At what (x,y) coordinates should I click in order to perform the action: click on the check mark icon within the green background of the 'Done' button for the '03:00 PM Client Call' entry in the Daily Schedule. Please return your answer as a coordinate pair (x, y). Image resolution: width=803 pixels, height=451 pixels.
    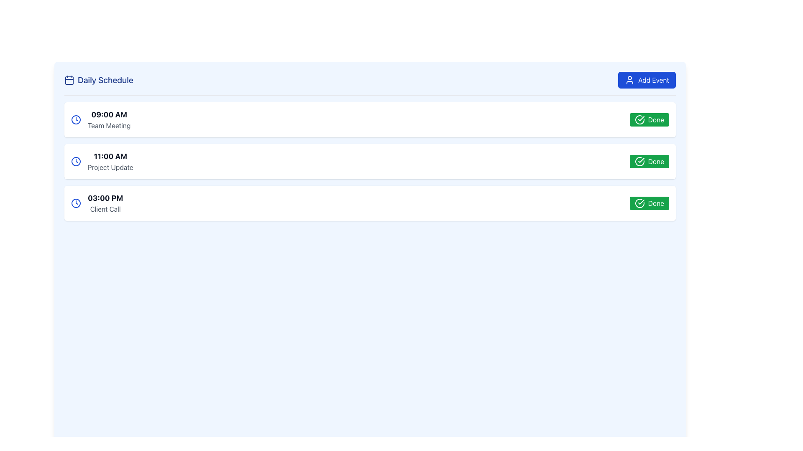
    Looking at the image, I should click on (641, 202).